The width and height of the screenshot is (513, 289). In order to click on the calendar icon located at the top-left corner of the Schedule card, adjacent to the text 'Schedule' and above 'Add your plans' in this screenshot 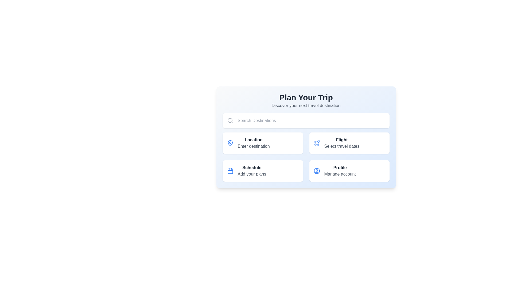, I will do `click(230, 171)`.